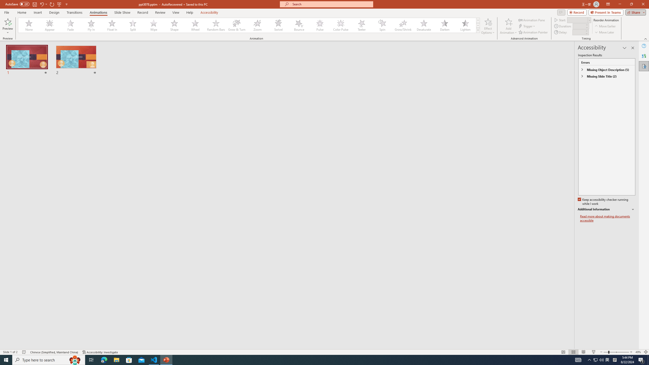 This screenshot has height=365, width=649. I want to click on 'Animation Delay', so click(578, 32).